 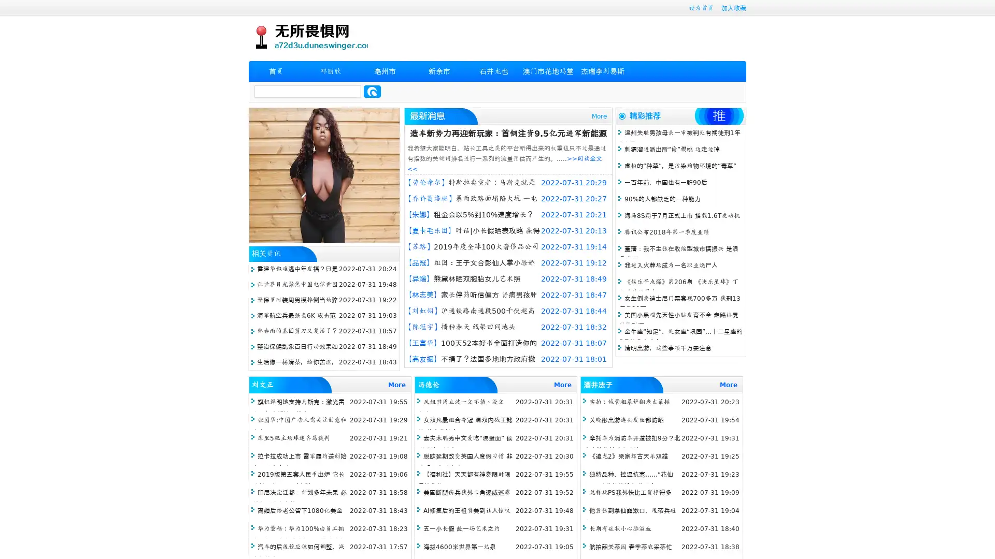 What do you see at coordinates (372, 91) in the screenshot?
I see `Search` at bounding box center [372, 91].